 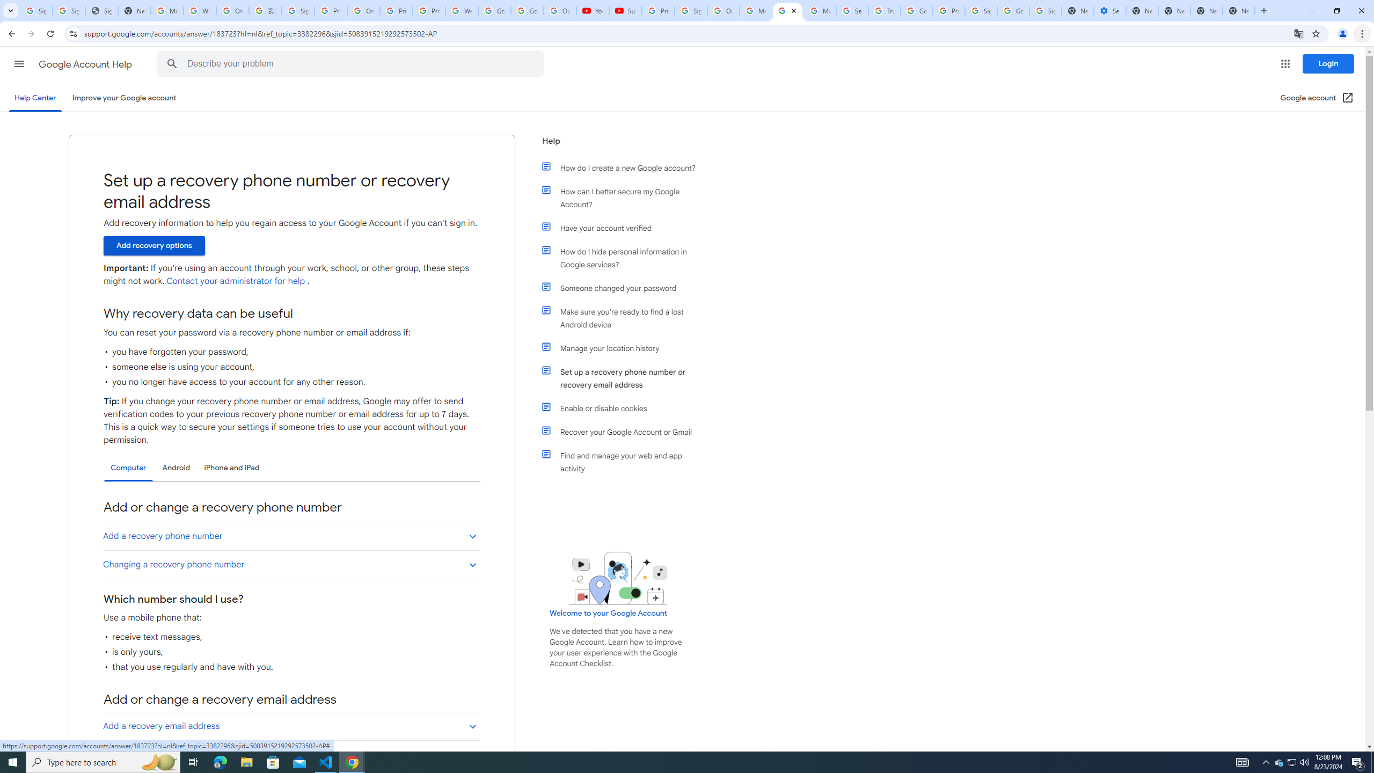 I want to click on 'Sign in - Google Accounts', so click(x=69, y=10).